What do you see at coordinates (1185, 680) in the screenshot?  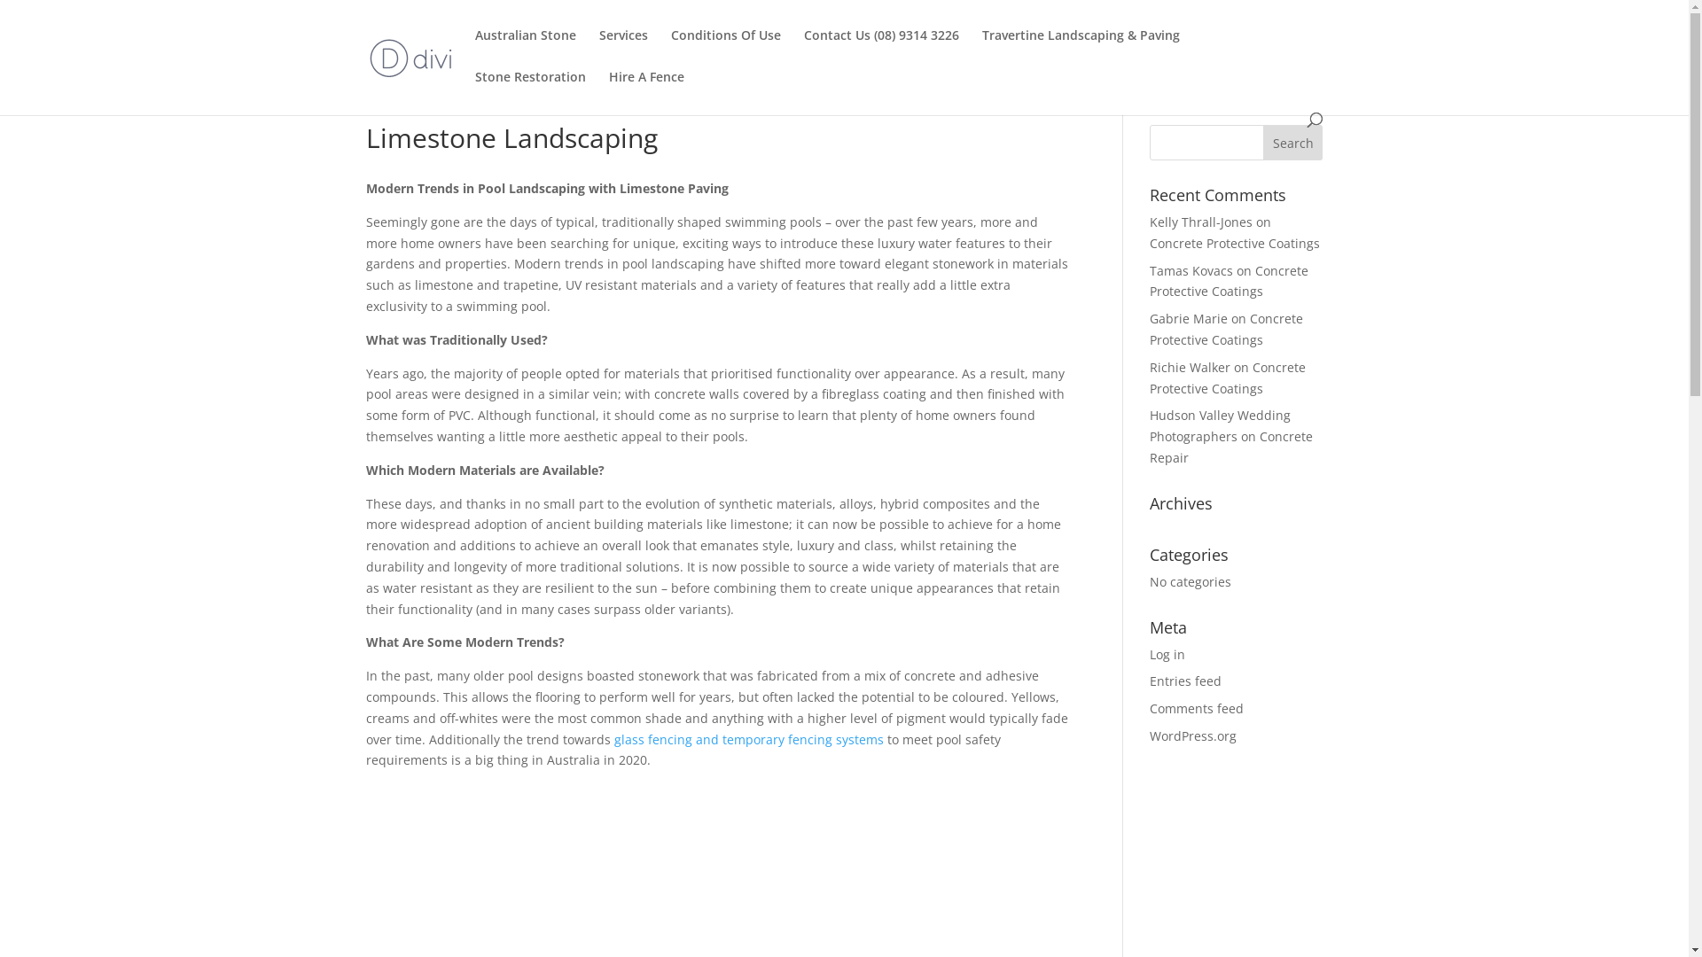 I see `'Entries feed'` at bounding box center [1185, 680].